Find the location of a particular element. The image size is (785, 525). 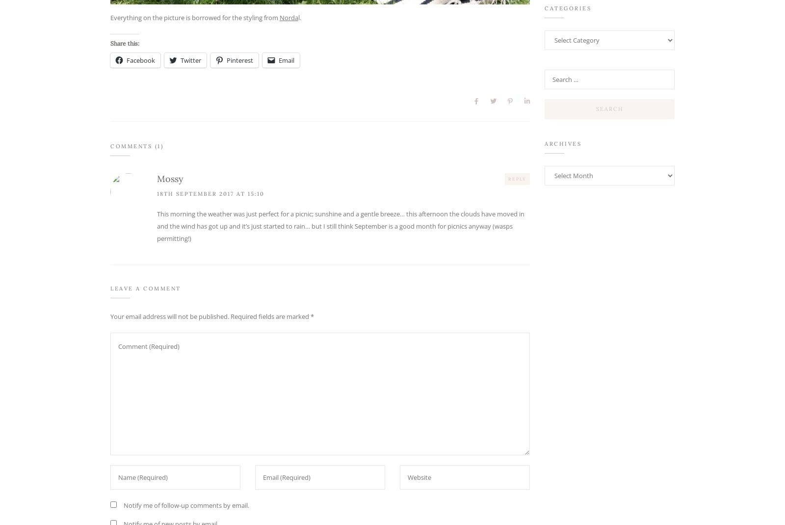

'This morning the weather was just perfect for a picnic; sunshine and a gentle breeze… this afternoon the clouds have moved in and the wind has got up and it’s just started to rain… but I still think September is a good month for picnics anyway (wasps permitting!)' is located at coordinates (340, 226).